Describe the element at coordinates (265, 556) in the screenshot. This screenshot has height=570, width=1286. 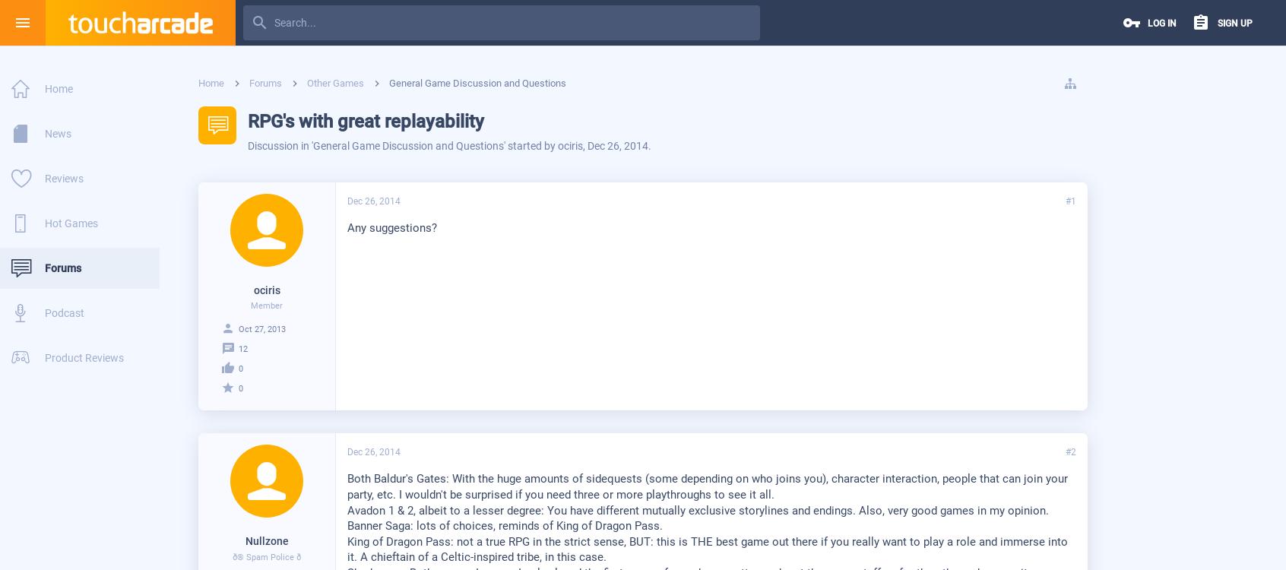
I see `'ð® Spam Police ð'` at that location.